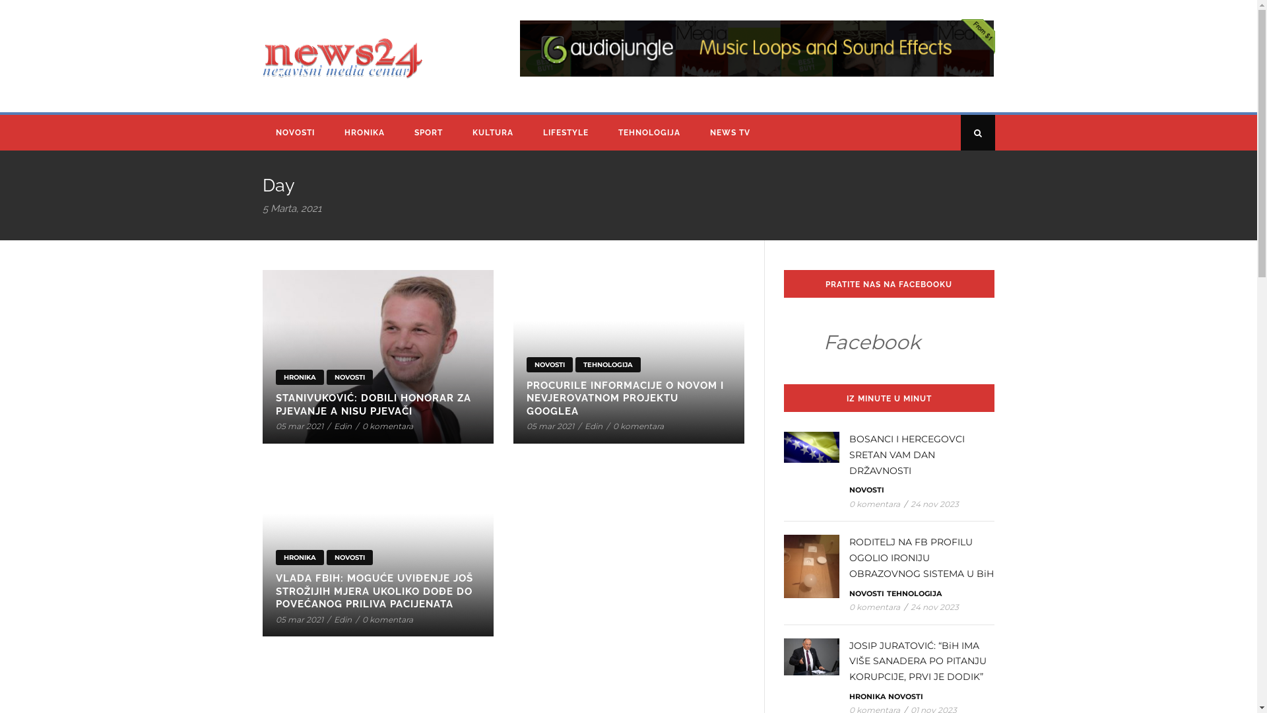 The height and width of the screenshot is (713, 1267). What do you see at coordinates (342, 426) in the screenshot?
I see `'Edin'` at bounding box center [342, 426].